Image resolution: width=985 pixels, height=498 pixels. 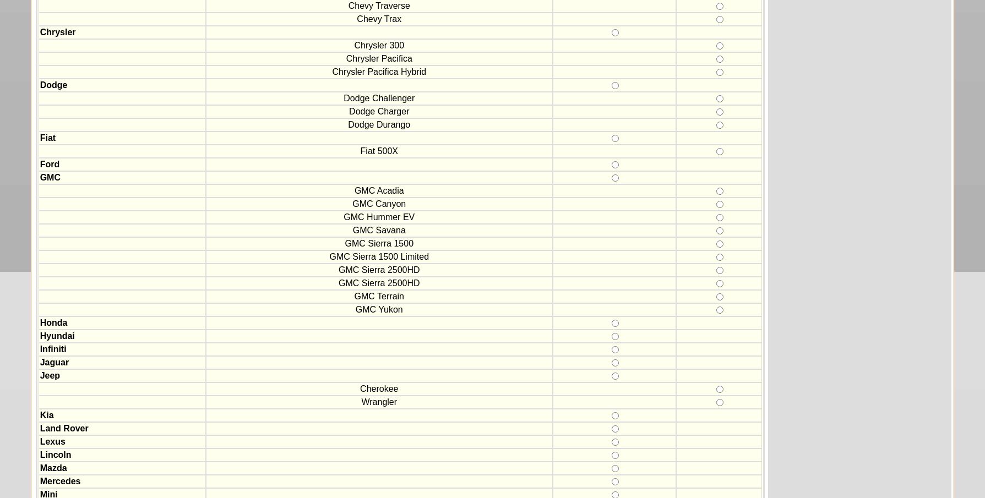 What do you see at coordinates (379, 18) in the screenshot?
I see `'Chevy Trax'` at bounding box center [379, 18].